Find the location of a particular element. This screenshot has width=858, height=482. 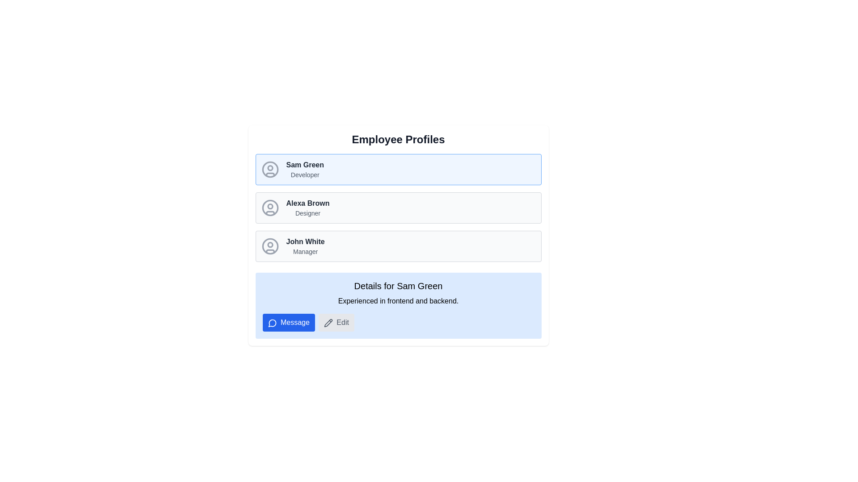

the text label displaying 'Designer', which is styled in light gray and located below the name 'Alexa Brown' in the employee profile card is located at coordinates (307, 213).